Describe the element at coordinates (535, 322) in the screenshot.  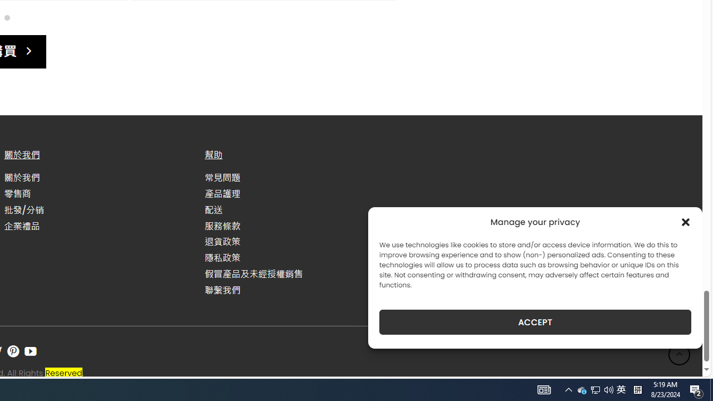
I see `'ACCEPT'` at that location.